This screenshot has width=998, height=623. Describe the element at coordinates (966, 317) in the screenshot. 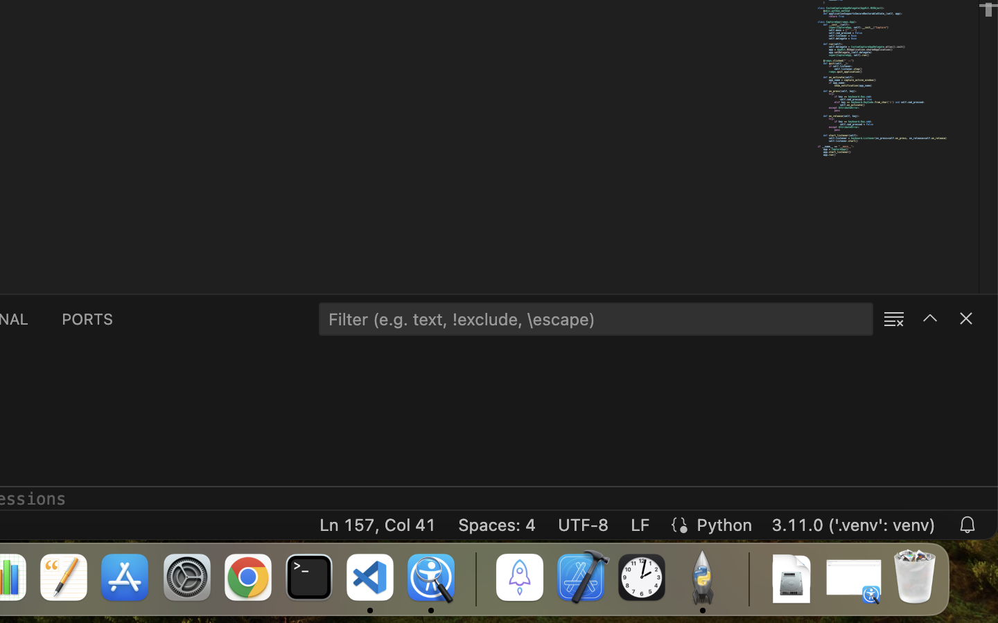

I see `''` at that location.